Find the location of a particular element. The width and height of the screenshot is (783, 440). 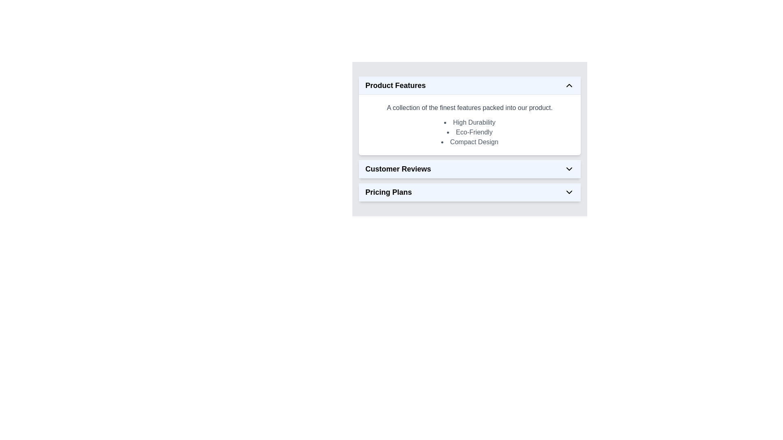

the descriptive content block that provides an overview of the product's features, located in the 'Product Features' section, below the header is located at coordinates (470, 125).